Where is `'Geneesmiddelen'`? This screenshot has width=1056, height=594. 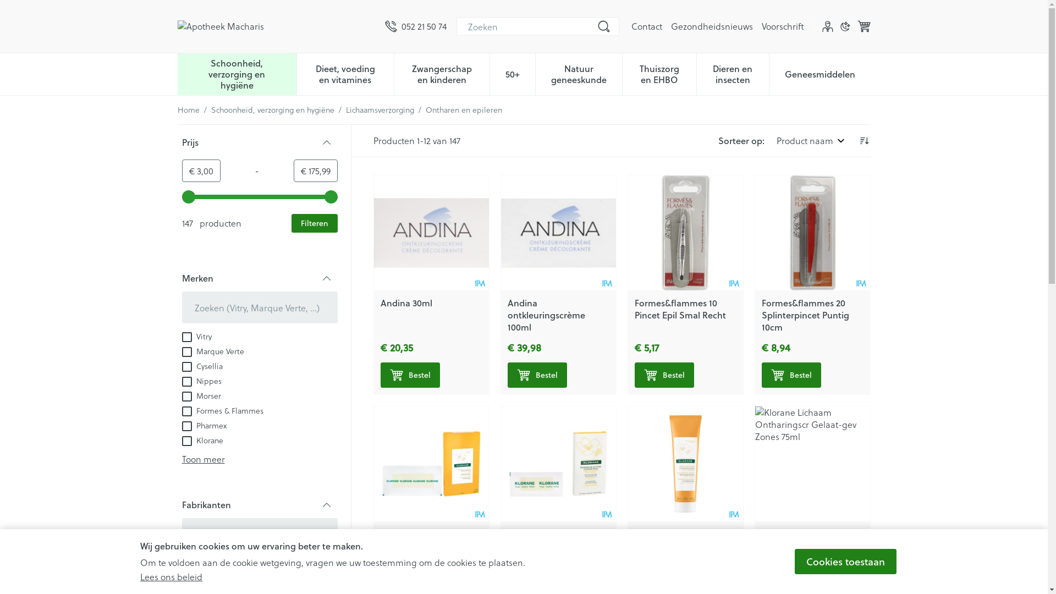
'Geneesmiddelen' is located at coordinates (768, 73).